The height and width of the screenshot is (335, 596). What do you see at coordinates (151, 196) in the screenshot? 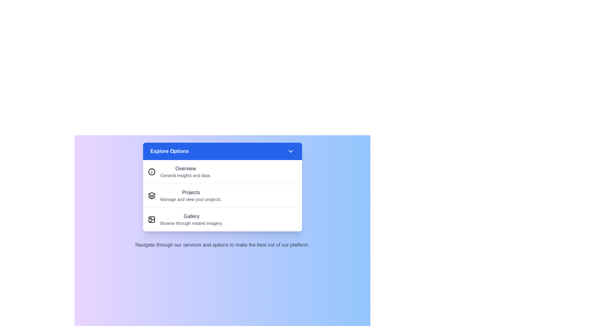
I see `the icon of the menu item labeled Projects` at bounding box center [151, 196].